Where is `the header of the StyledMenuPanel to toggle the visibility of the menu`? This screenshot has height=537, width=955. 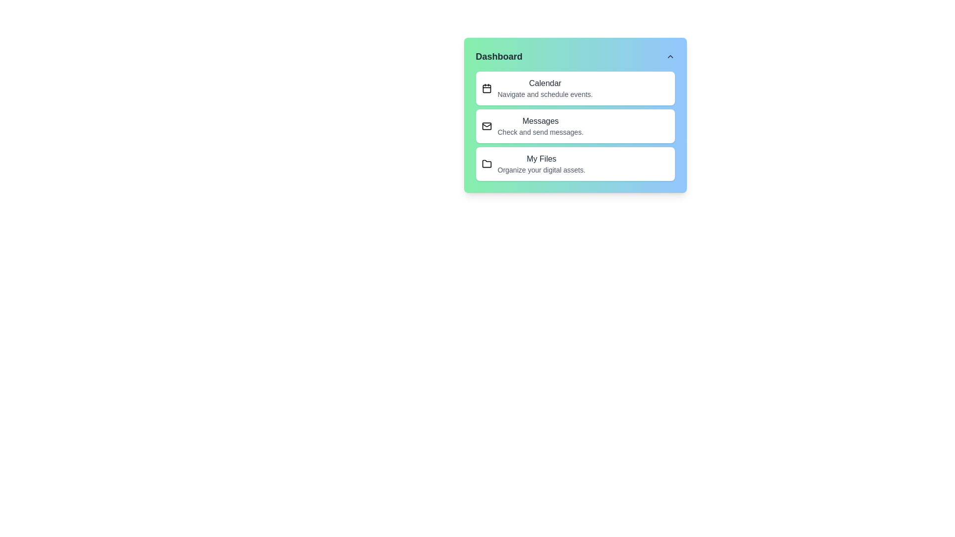
the header of the StyledMenuPanel to toggle the visibility of the menu is located at coordinates (575, 57).